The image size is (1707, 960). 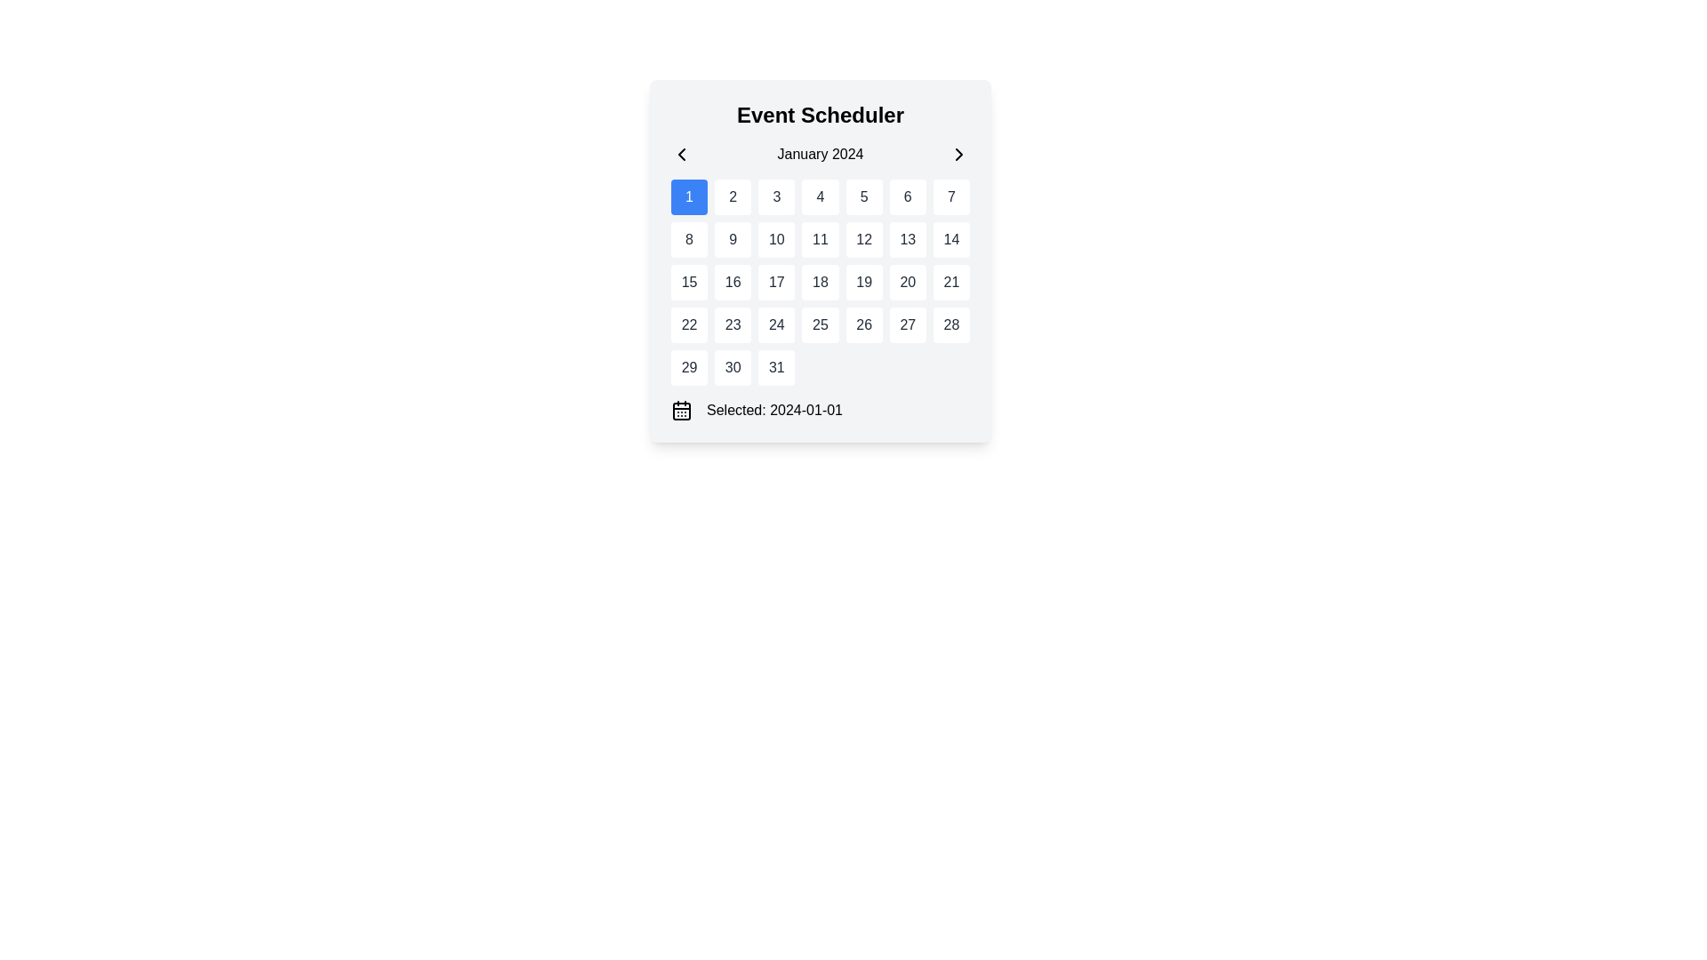 What do you see at coordinates (958, 153) in the screenshot?
I see `the navigation button (icon) for advancing to the next calendar month, located to the right of the 'January 2024' text in the calendar header` at bounding box center [958, 153].